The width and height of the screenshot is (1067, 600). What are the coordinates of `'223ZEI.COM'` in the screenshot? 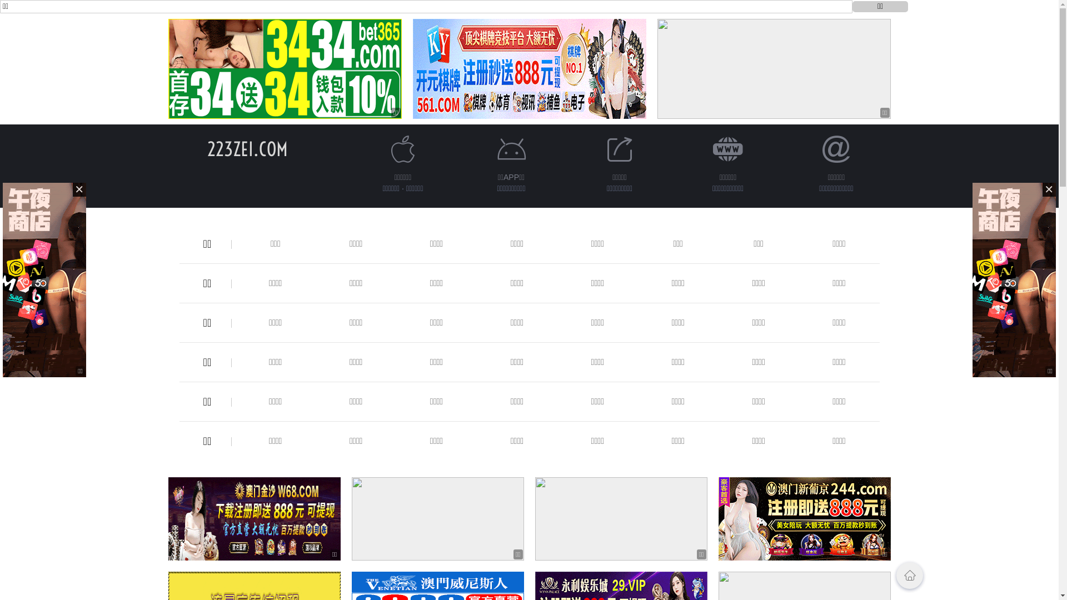 It's located at (247, 148).